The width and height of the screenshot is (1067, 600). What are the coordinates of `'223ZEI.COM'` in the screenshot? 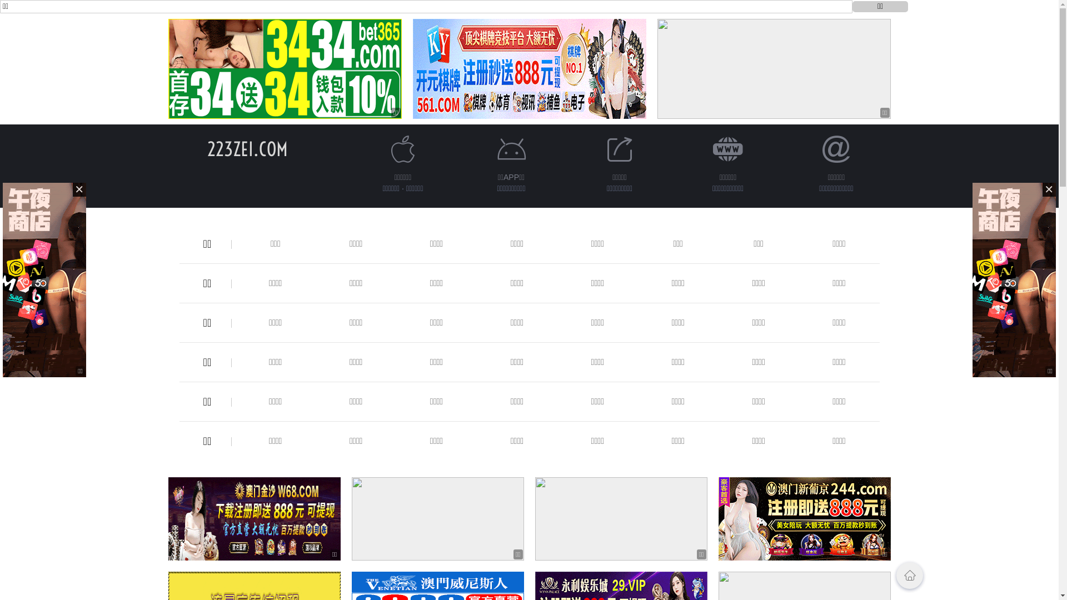 It's located at (247, 148).